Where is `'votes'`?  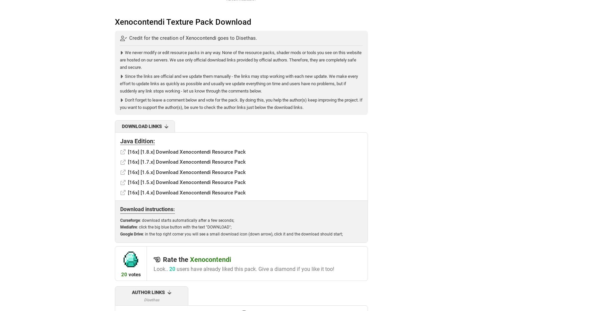 'votes' is located at coordinates (133, 274).